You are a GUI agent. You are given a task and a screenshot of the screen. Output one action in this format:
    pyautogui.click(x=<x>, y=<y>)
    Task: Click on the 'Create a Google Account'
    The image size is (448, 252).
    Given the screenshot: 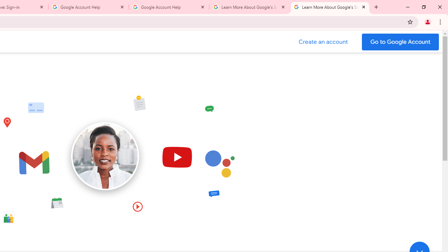 What is the action you would take?
    pyautogui.click(x=323, y=42)
    